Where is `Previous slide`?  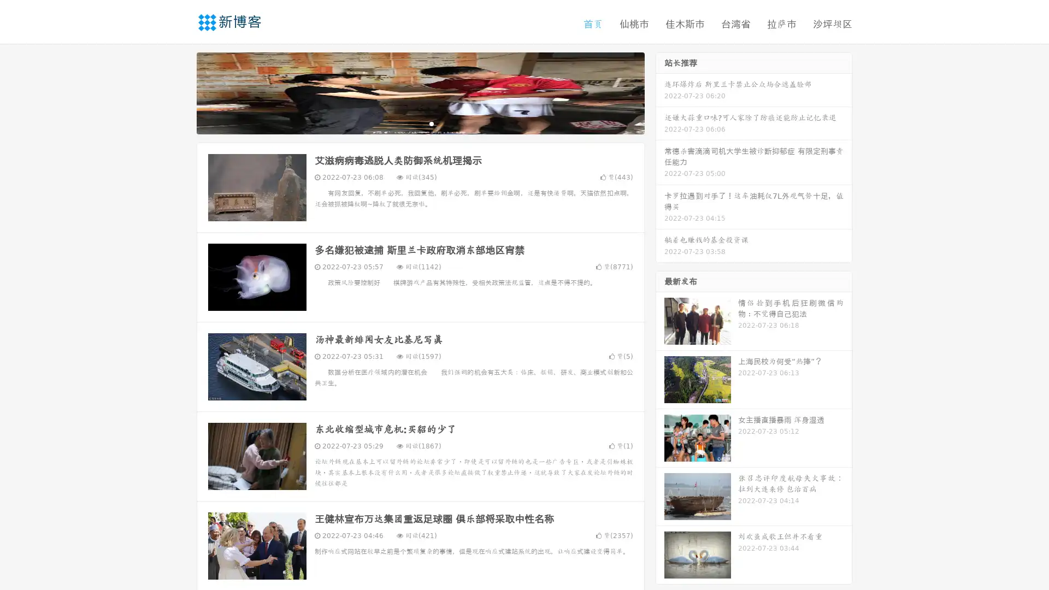
Previous slide is located at coordinates (180, 92).